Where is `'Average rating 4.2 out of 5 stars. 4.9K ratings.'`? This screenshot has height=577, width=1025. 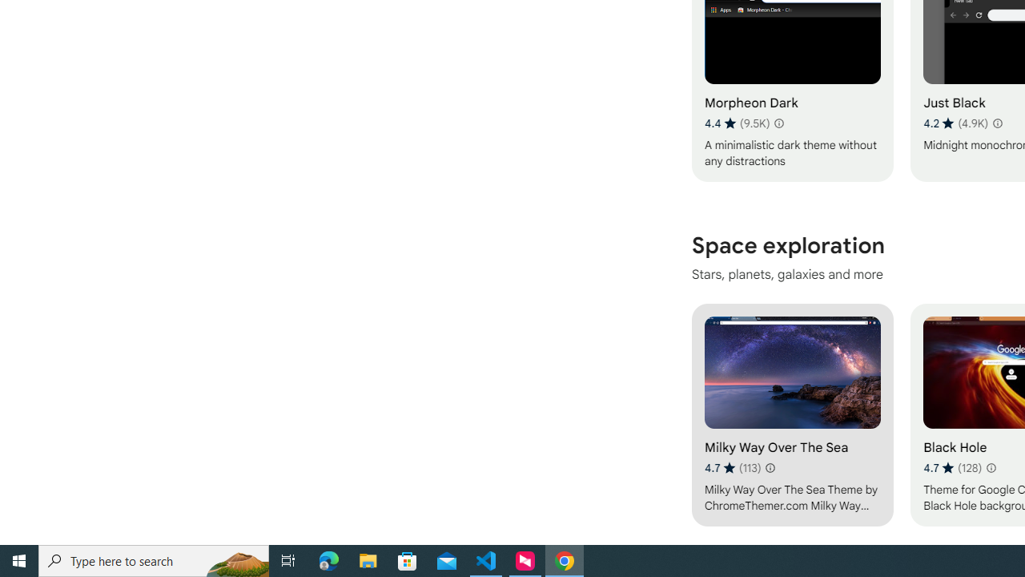
'Average rating 4.2 out of 5 stars. 4.9K ratings.' is located at coordinates (955, 123).